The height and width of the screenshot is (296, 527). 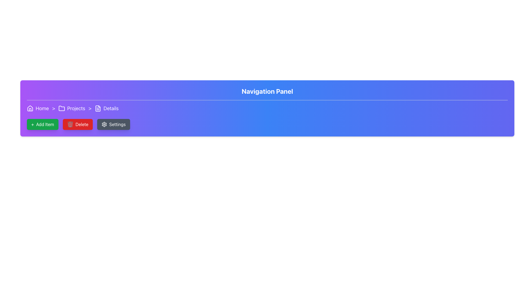 What do you see at coordinates (113, 124) in the screenshot?
I see `the settings button` at bounding box center [113, 124].